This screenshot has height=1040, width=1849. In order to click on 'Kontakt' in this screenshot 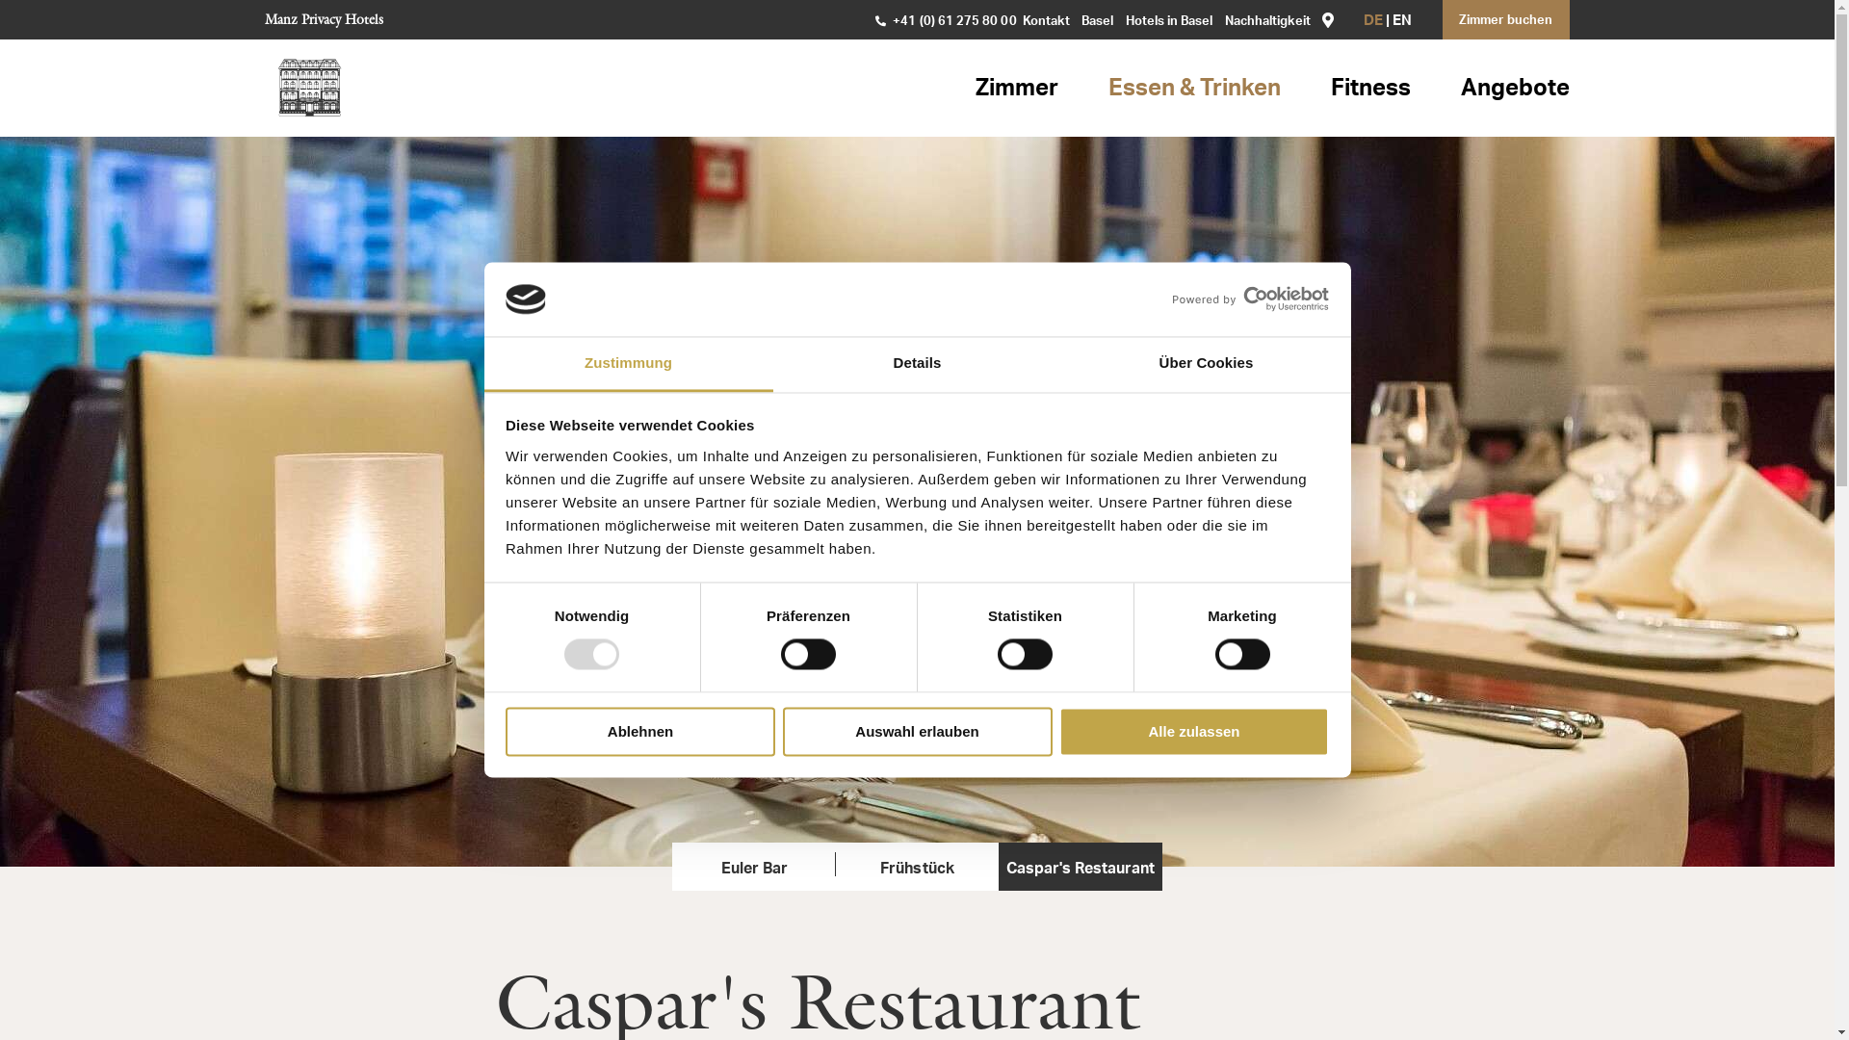, I will do `click(1021, 21)`.